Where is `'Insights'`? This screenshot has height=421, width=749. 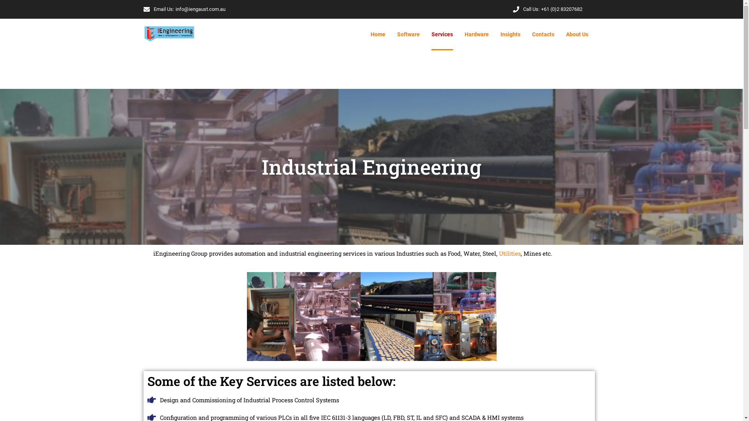 'Insights' is located at coordinates (510, 34).